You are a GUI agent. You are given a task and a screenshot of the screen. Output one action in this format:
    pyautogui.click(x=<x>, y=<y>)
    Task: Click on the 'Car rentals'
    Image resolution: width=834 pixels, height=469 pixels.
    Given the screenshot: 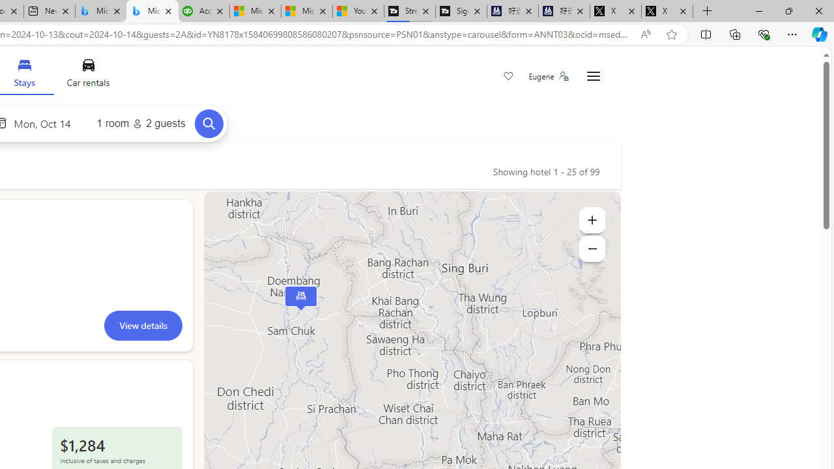 What is the action you would take?
    pyautogui.click(x=87, y=76)
    